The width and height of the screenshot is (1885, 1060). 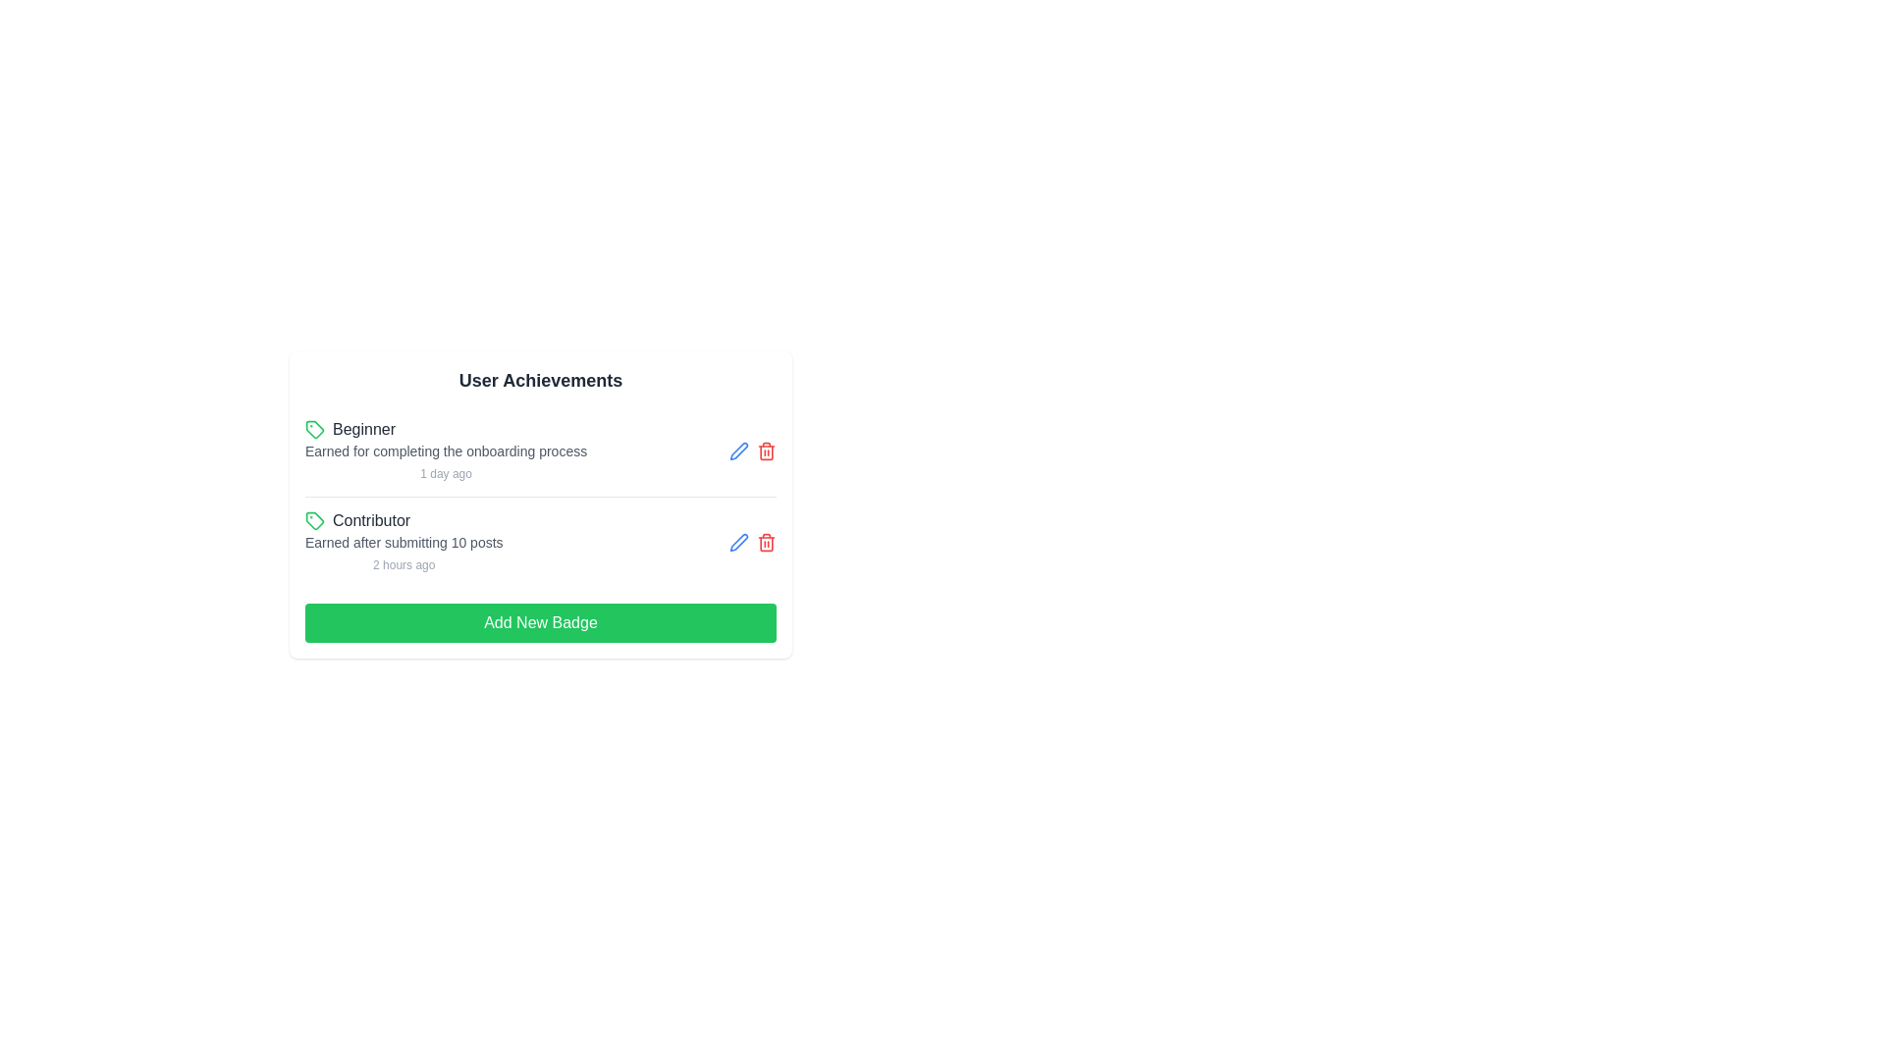 I want to click on the text element that describes the conditions to attain the 'Contributor' badge, located in the User Achievements list, between the badge title and the timestamp, so click(x=403, y=542).